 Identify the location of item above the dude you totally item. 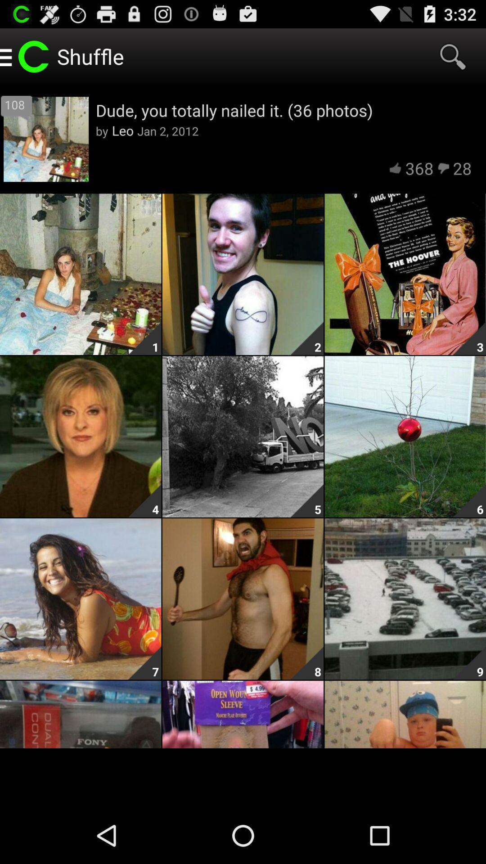
(453, 56).